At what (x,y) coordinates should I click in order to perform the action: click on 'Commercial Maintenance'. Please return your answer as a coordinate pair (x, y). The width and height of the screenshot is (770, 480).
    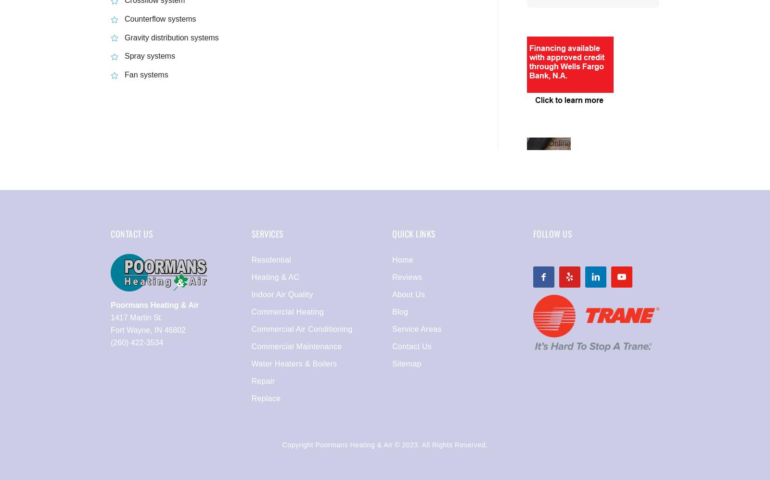
    Looking at the image, I should click on (250, 346).